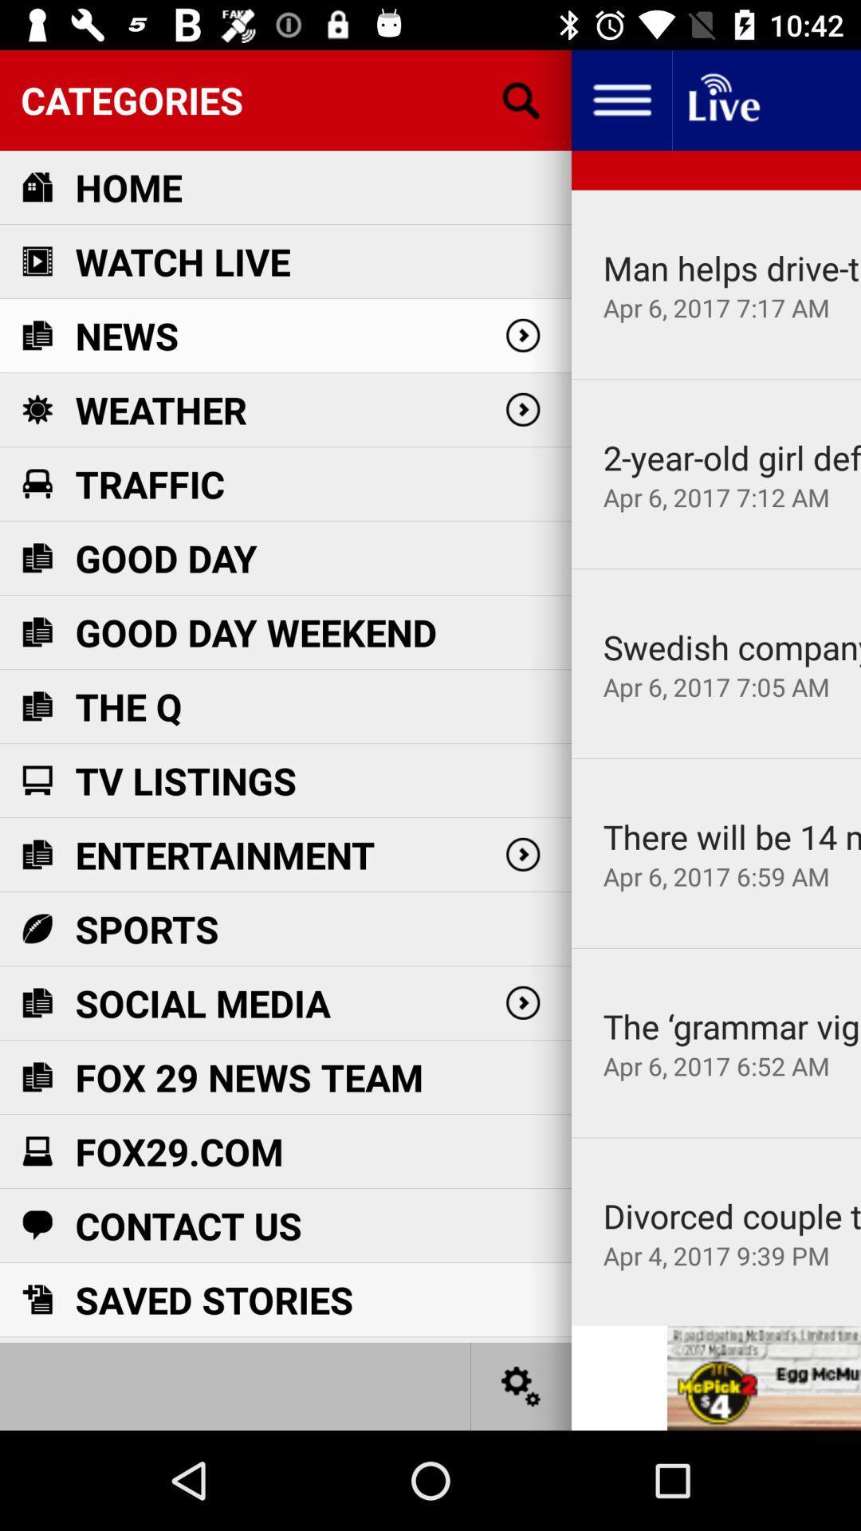 The height and width of the screenshot is (1531, 861). Describe the element at coordinates (620, 99) in the screenshot. I see `the menu icon` at that location.